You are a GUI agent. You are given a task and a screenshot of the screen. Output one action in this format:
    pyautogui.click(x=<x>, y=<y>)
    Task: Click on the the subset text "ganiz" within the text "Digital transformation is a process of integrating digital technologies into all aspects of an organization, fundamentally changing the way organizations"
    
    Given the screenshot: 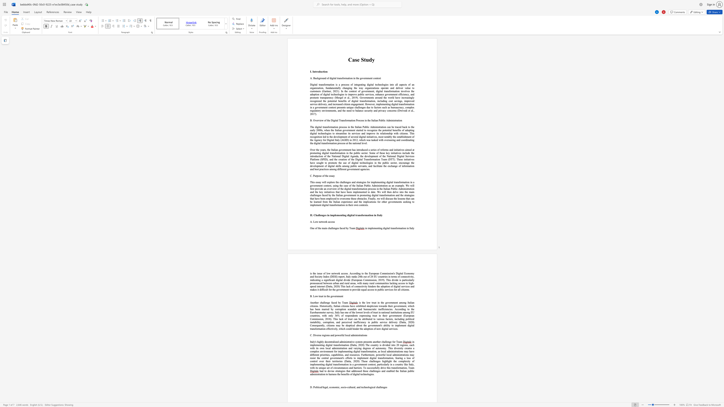 What is the action you would take?
    pyautogui.click(x=312, y=88)
    